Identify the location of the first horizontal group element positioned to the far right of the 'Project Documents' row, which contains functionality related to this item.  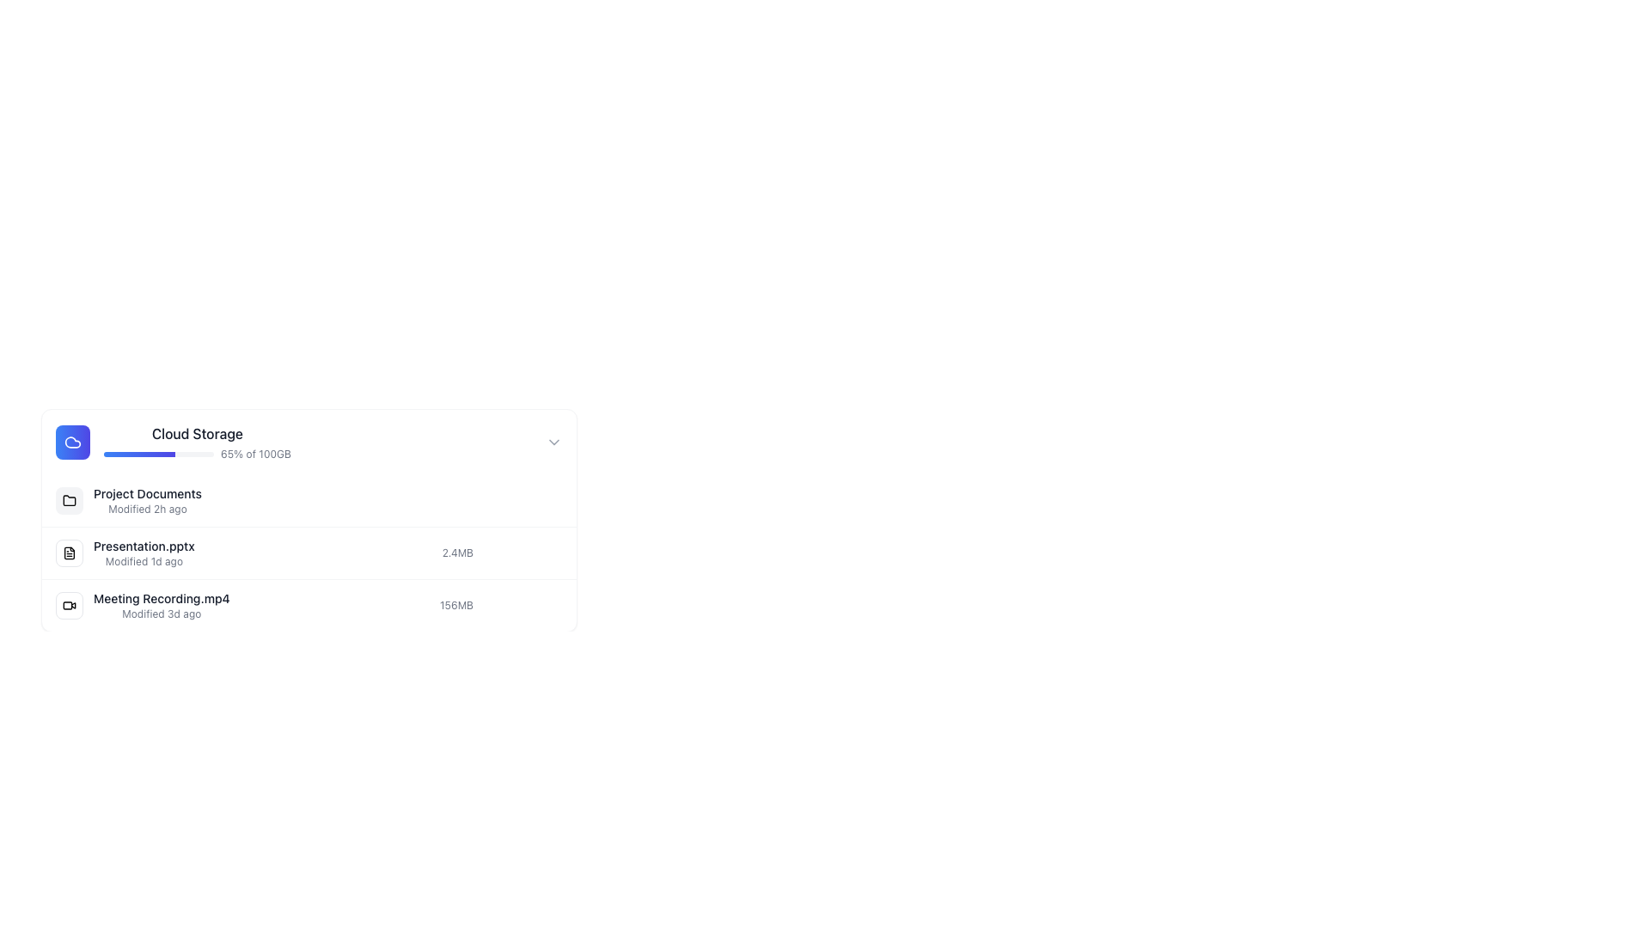
(523, 500).